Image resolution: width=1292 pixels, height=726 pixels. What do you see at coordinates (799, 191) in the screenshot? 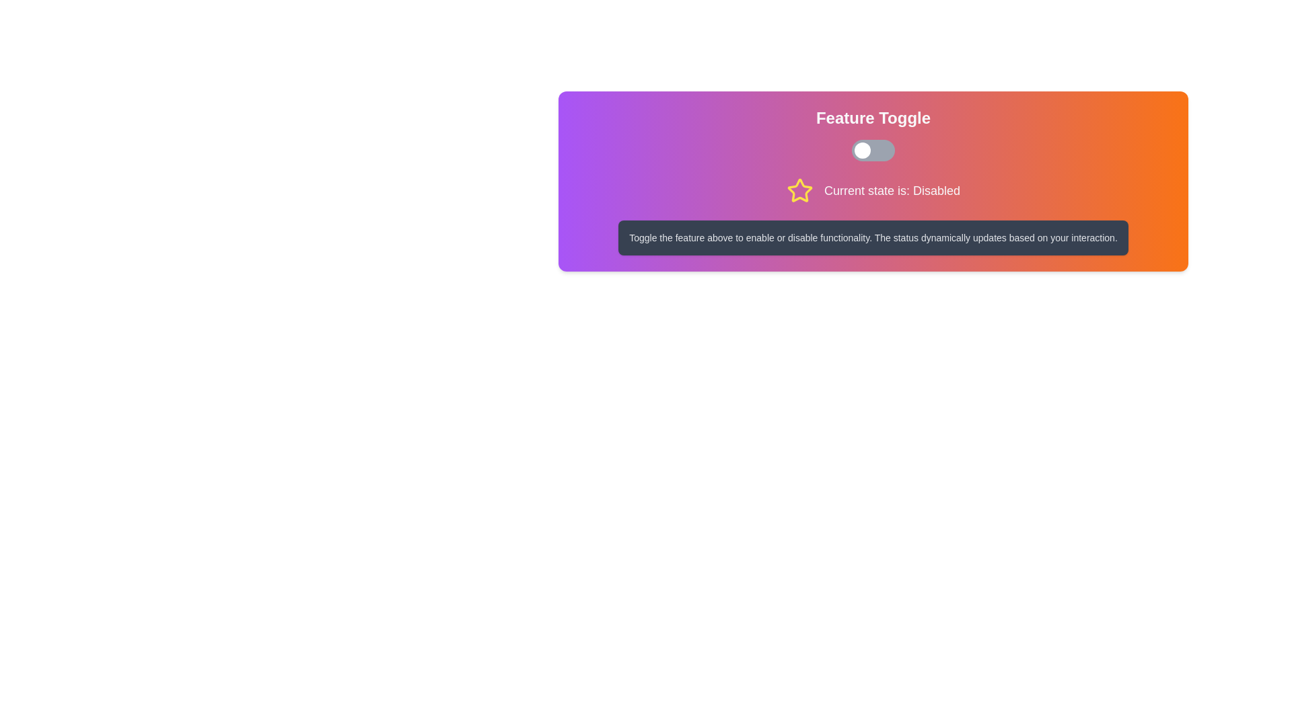
I see `the star SVG graphic icon located at the top-center of the interface, which indicates a state or rank, next to the text 'Current state is: Disabled'` at bounding box center [799, 191].